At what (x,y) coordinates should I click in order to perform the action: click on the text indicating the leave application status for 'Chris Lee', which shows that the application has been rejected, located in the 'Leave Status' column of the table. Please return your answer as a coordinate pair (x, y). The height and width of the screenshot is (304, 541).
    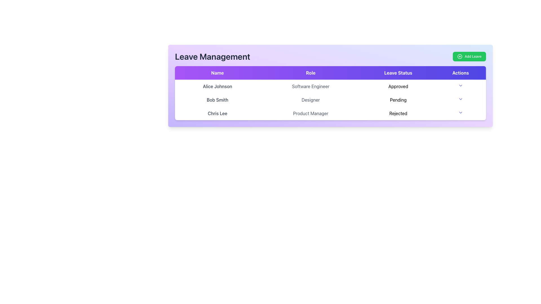
    Looking at the image, I should click on (398, 113).